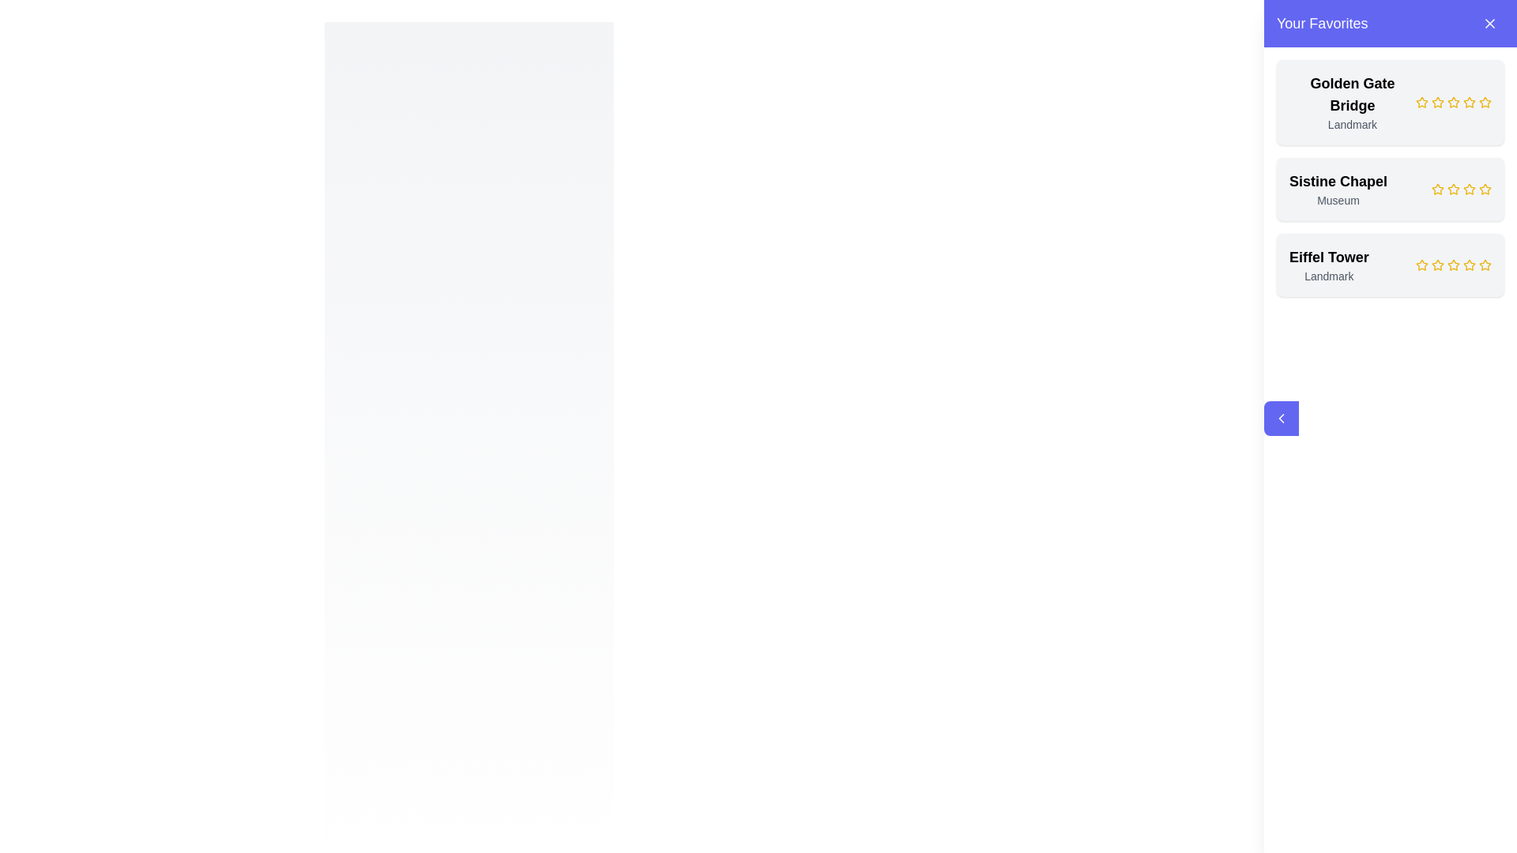 The width and height of the screenshot is (1517, 853). What do you see at coordinates (1328, 264) in the screenshot?
I see `the text label that identifies the 'Eiffel Tower' as a 'Landmark' located in the upper-left region of the bottom card in a list of saved items` at bounding box center [1328, 264].